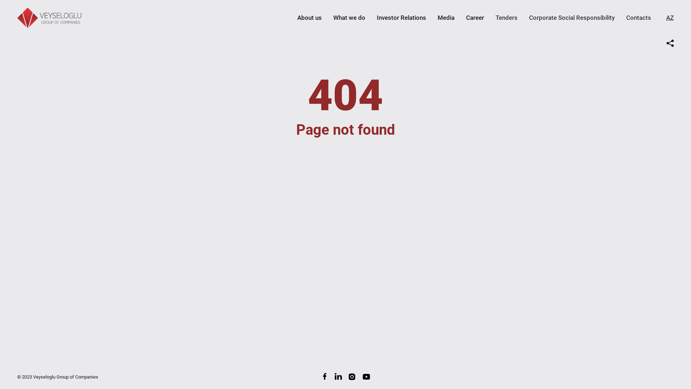  What do you see at coordinates (446, 17) in the screenshot?
I see `'Media'` at bounding box center [446, 17].